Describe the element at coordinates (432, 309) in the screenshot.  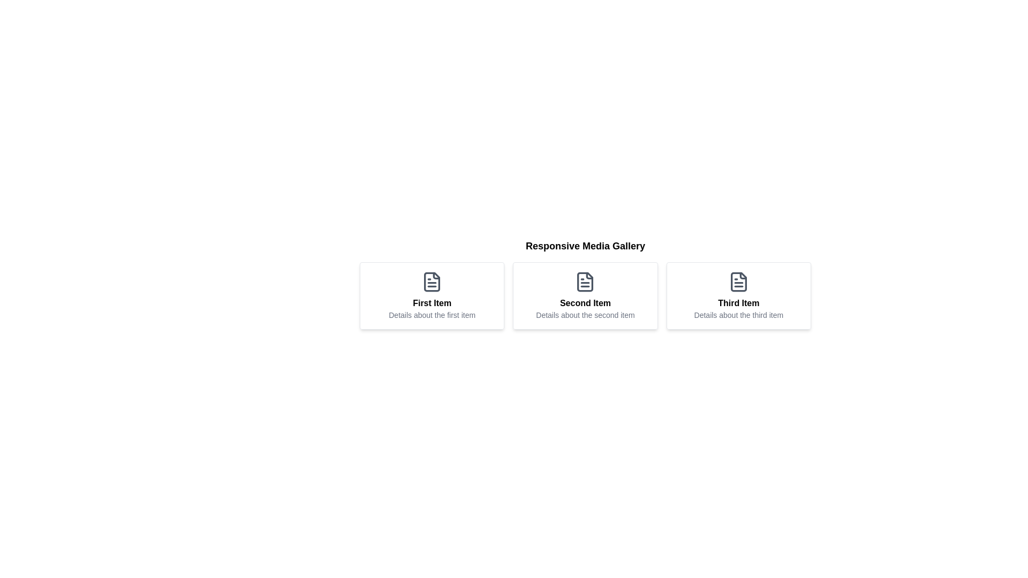
I see `the informational label that provides the title 'First Item' and description 'Details about the first item', located at the bottom of the card representing the first item in the list` at that location.